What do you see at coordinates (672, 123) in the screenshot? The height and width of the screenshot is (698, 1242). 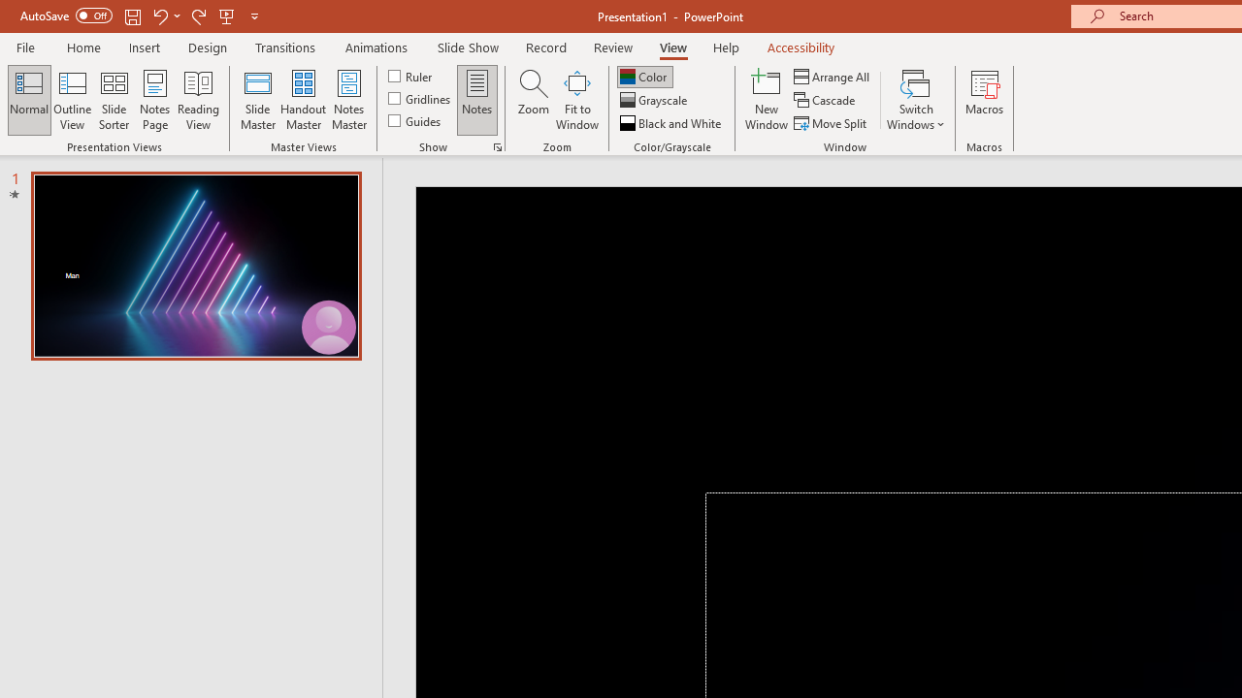 I see `'Black and White'` at bounding box center [672, 123].